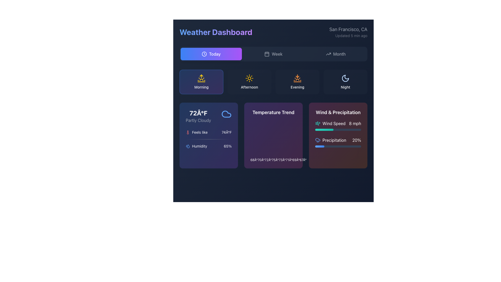 This screenshot has height=282, width=501. What do you see at coordinates (341, 130) in the screenshot?
I see `precipitation level` at bounding box center [341, 130].